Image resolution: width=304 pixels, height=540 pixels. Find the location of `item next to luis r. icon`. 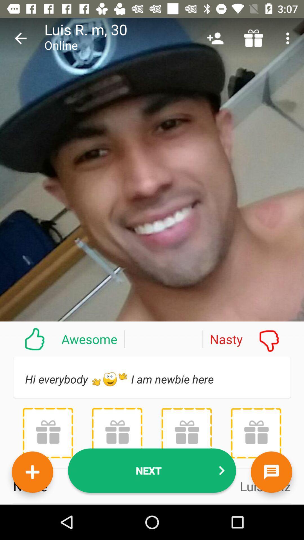

item next to luis r. icon is located at coordinates (20, 38).